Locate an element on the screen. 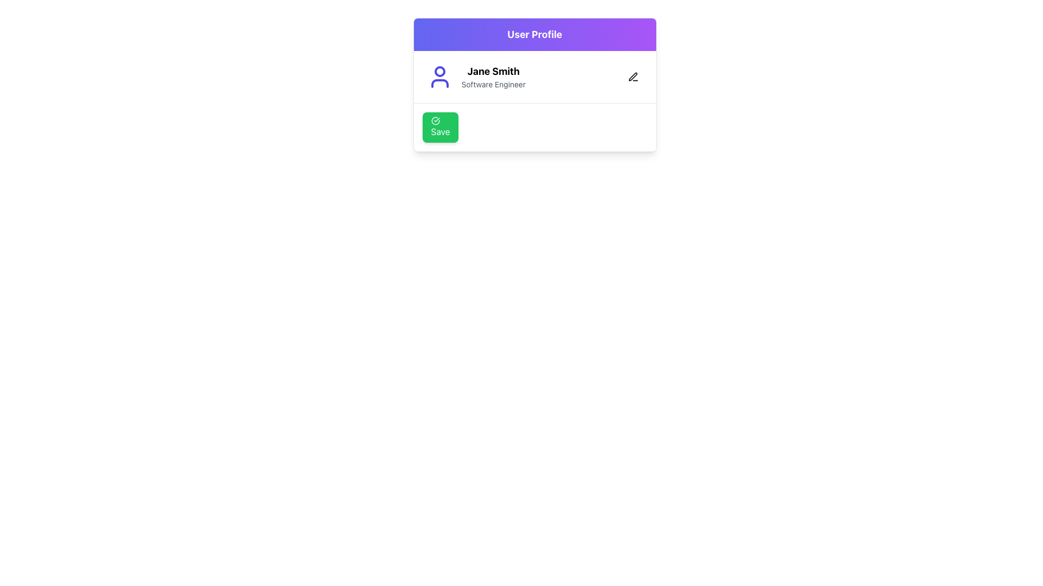  the pen icon in the upper-right corner of the user profile card is located at coordinates (633, 77).